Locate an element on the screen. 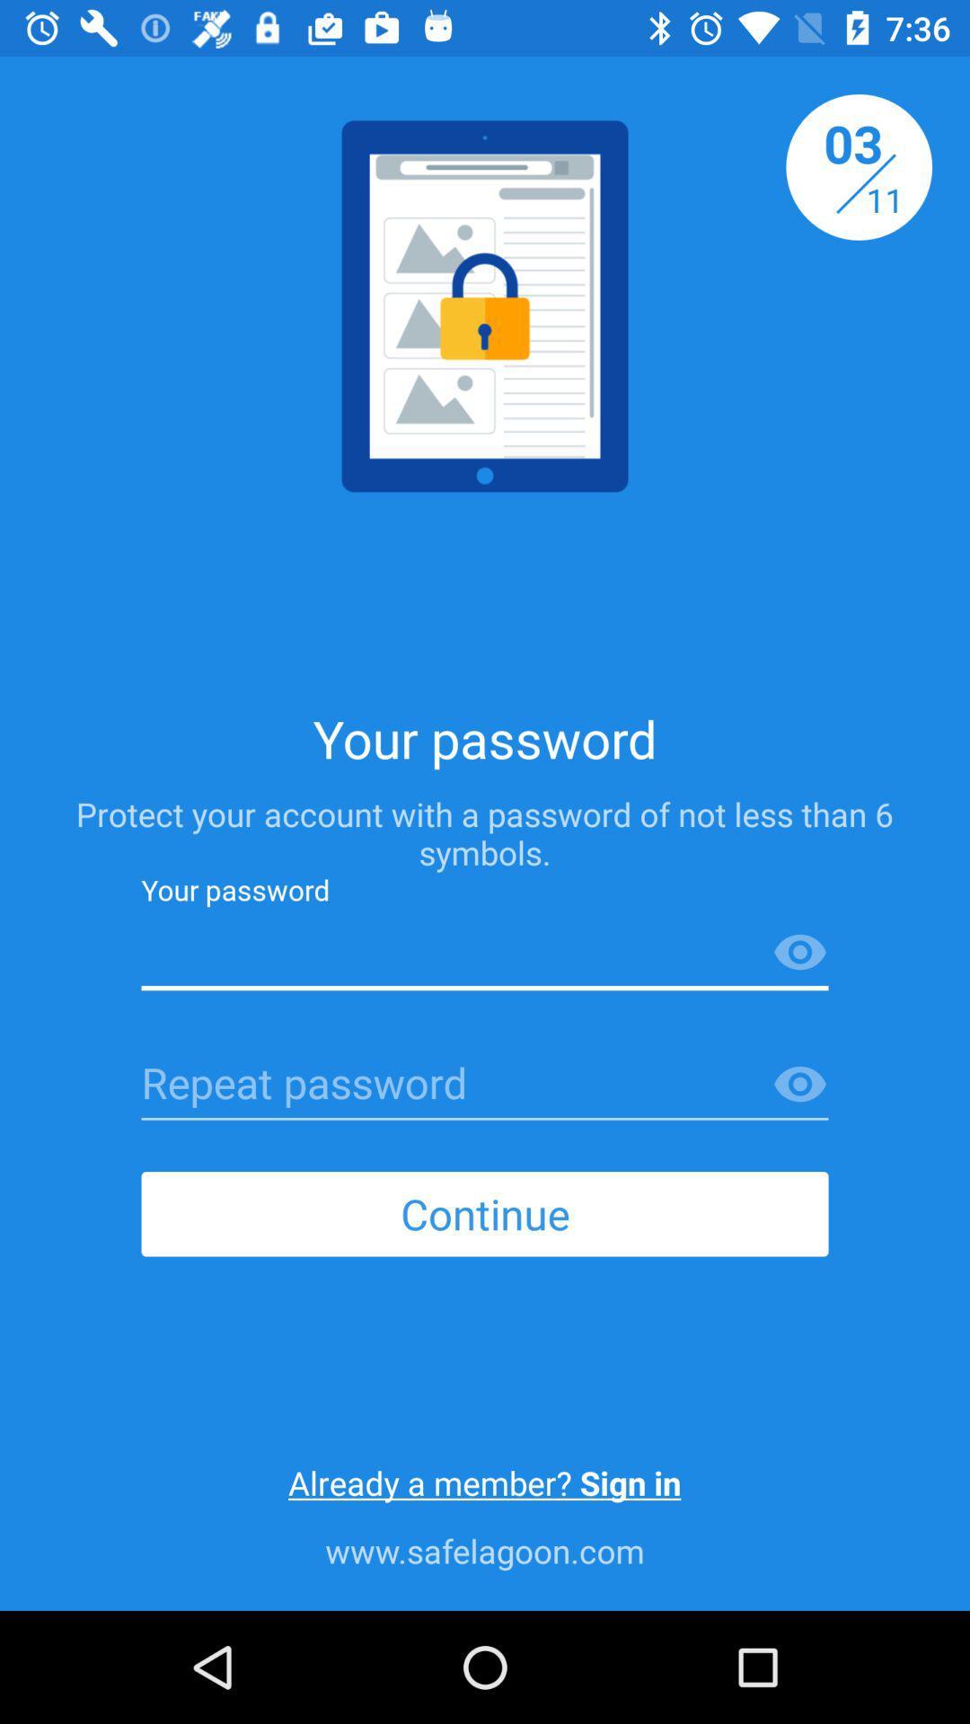  type password is located at coordinates (485, 952).